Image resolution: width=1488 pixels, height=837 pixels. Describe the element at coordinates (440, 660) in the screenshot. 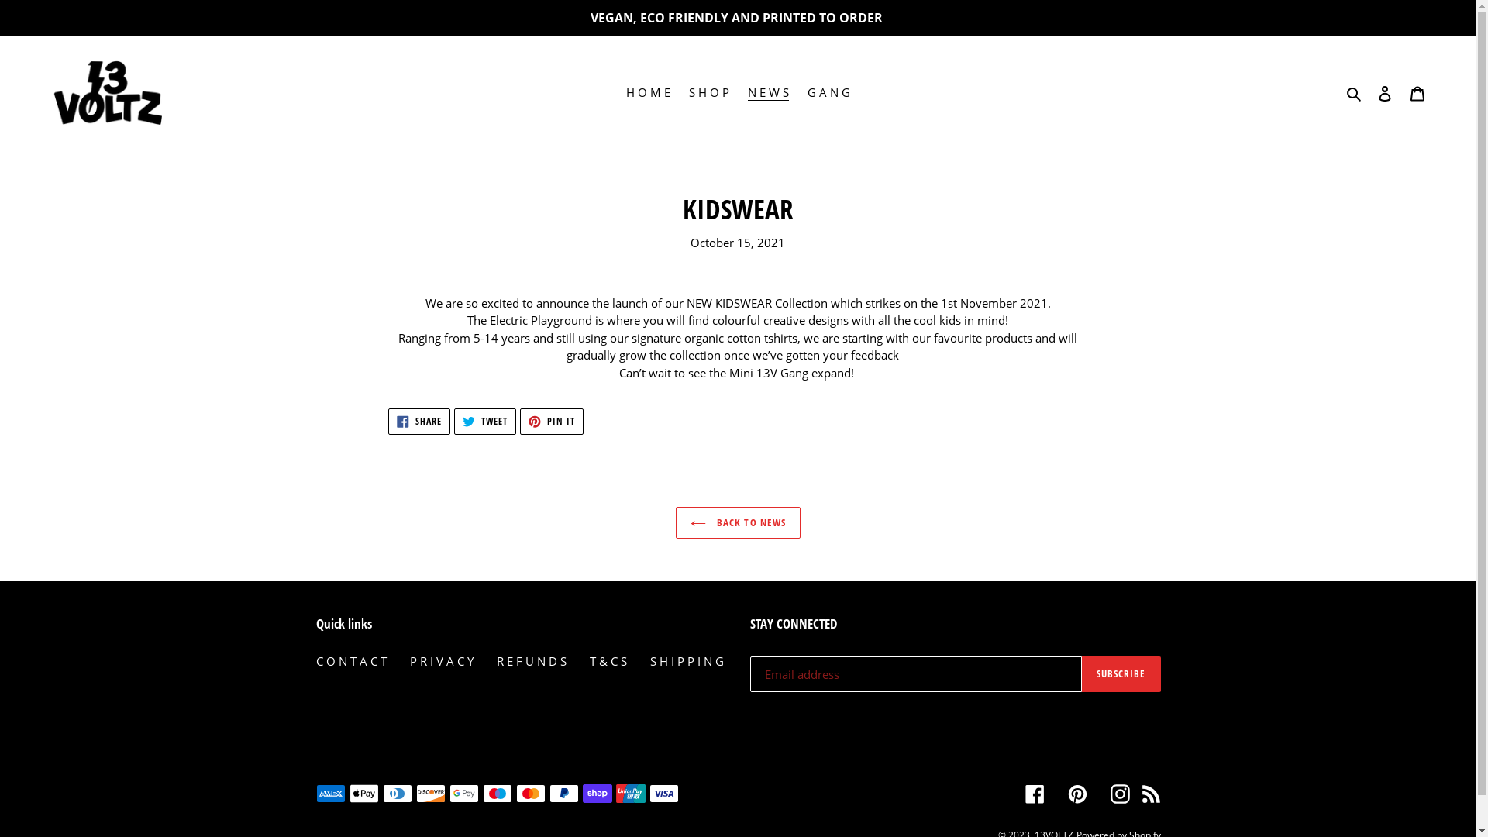

I see `'P R I V A C Y'` at that location.